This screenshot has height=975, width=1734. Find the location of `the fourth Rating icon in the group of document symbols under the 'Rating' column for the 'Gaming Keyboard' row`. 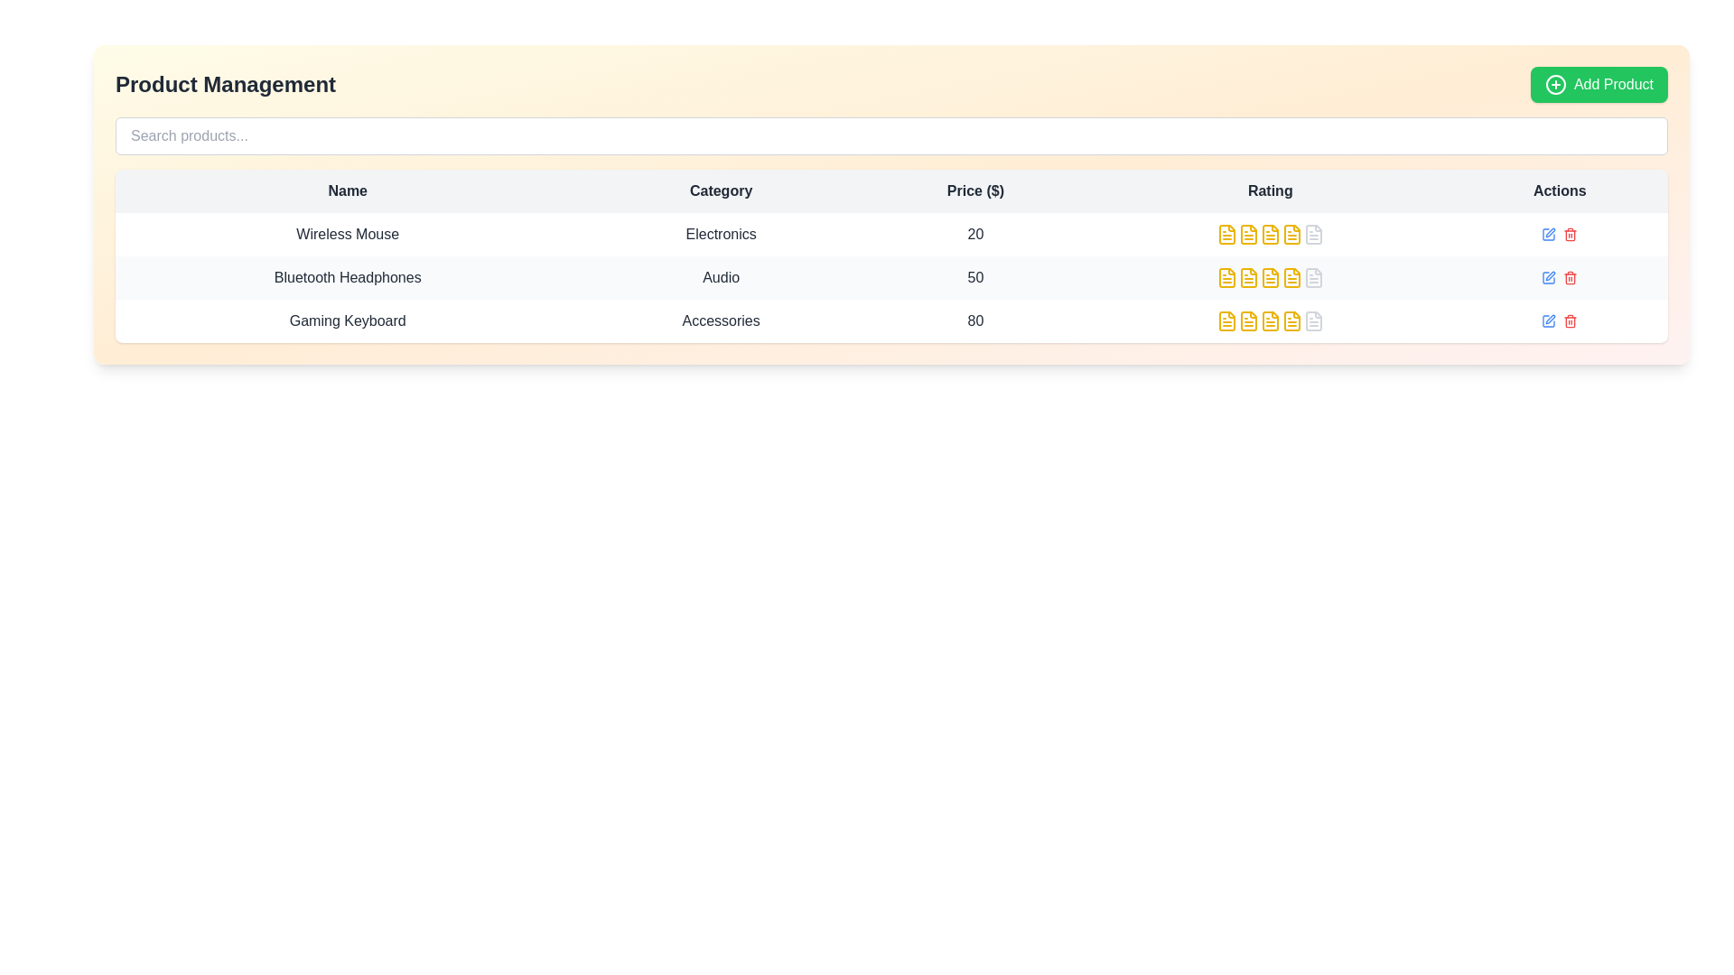

the fourth Rating icon in the group of document symbols under the 'Rating' column for the 'Gaming Keyboard' row is located at coordinates (1269, 320).